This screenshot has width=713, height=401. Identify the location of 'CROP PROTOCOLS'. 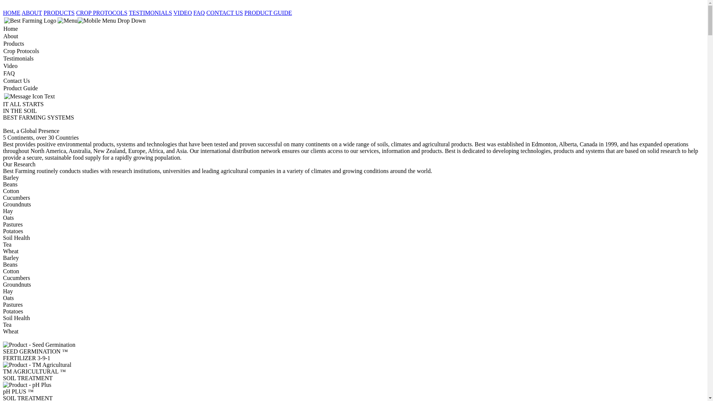
(101, 13).